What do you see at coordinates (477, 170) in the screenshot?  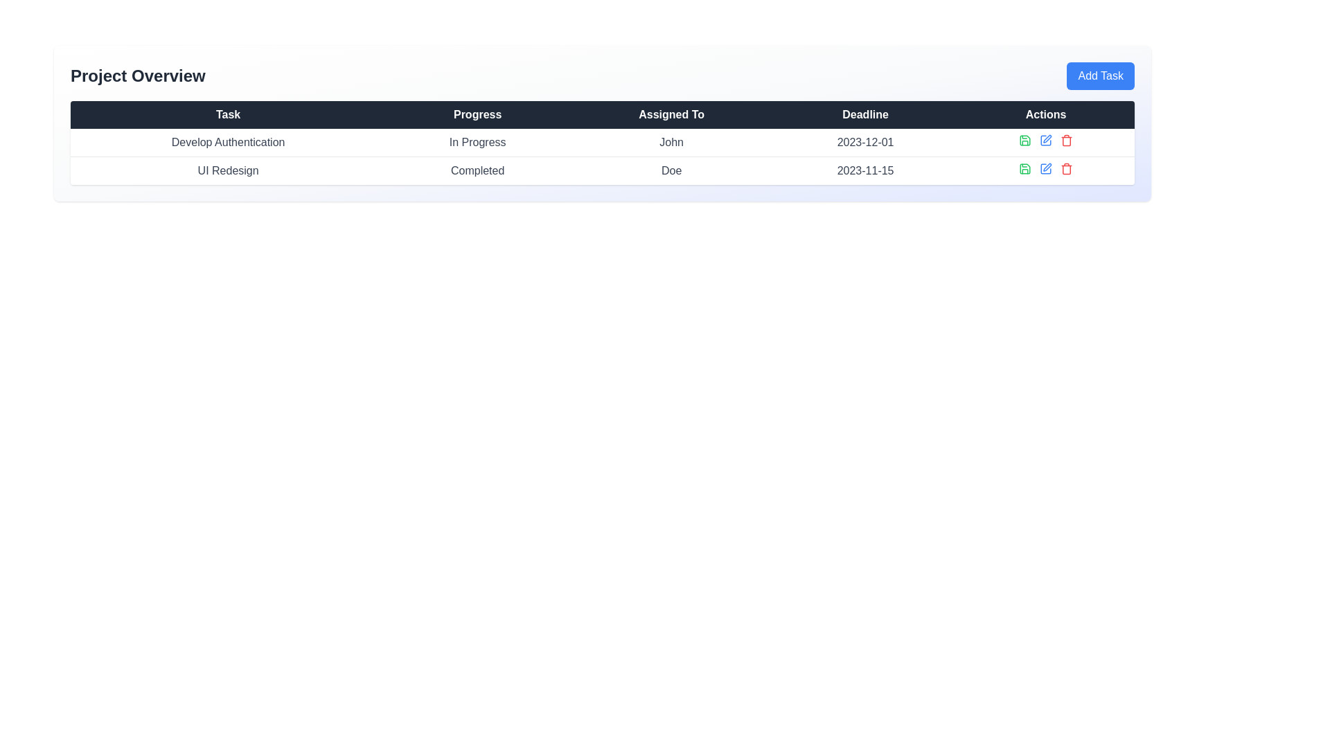 I see `text from the status indicator in the 'Progress' column for the 'UI Redesign' task, located in the second column of the second row of the table` at bounding box center [477, 170].